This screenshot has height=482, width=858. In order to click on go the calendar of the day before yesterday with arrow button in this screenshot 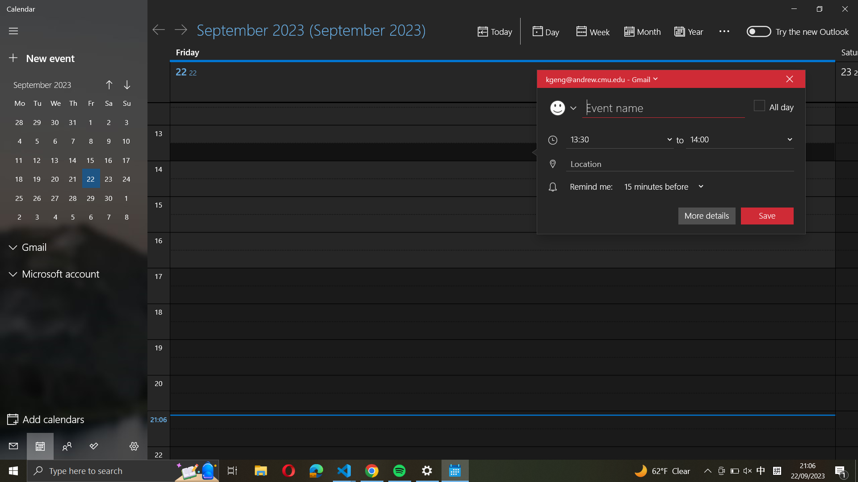, I will do `click(159, 29)`.